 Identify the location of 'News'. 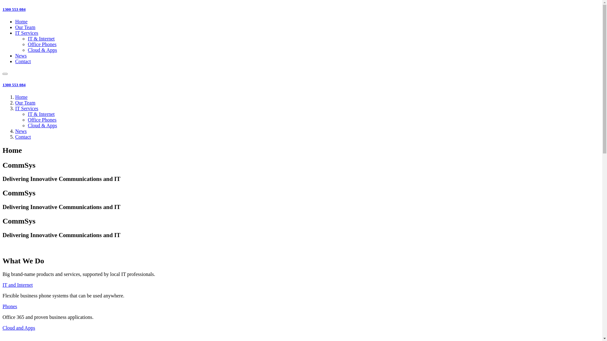
(21, 131).